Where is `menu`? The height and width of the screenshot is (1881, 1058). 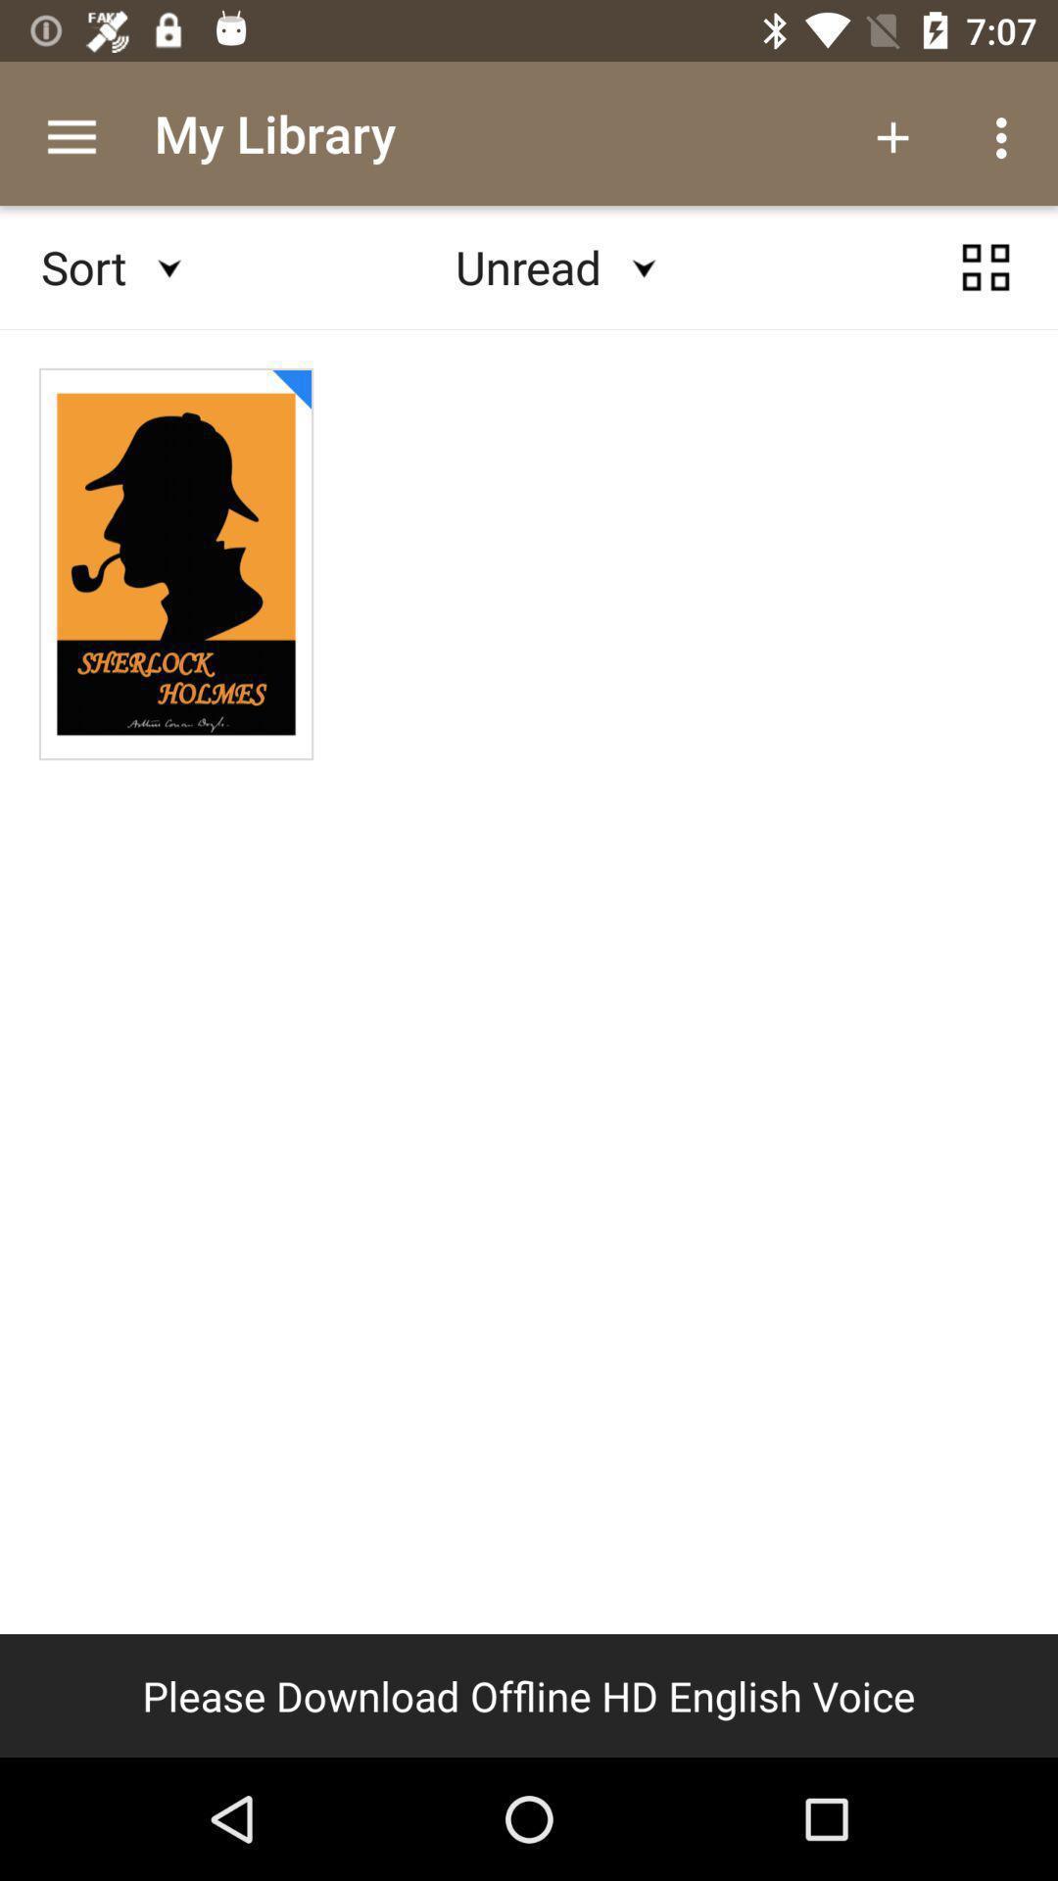 menu is located at coordinates (986, 266).